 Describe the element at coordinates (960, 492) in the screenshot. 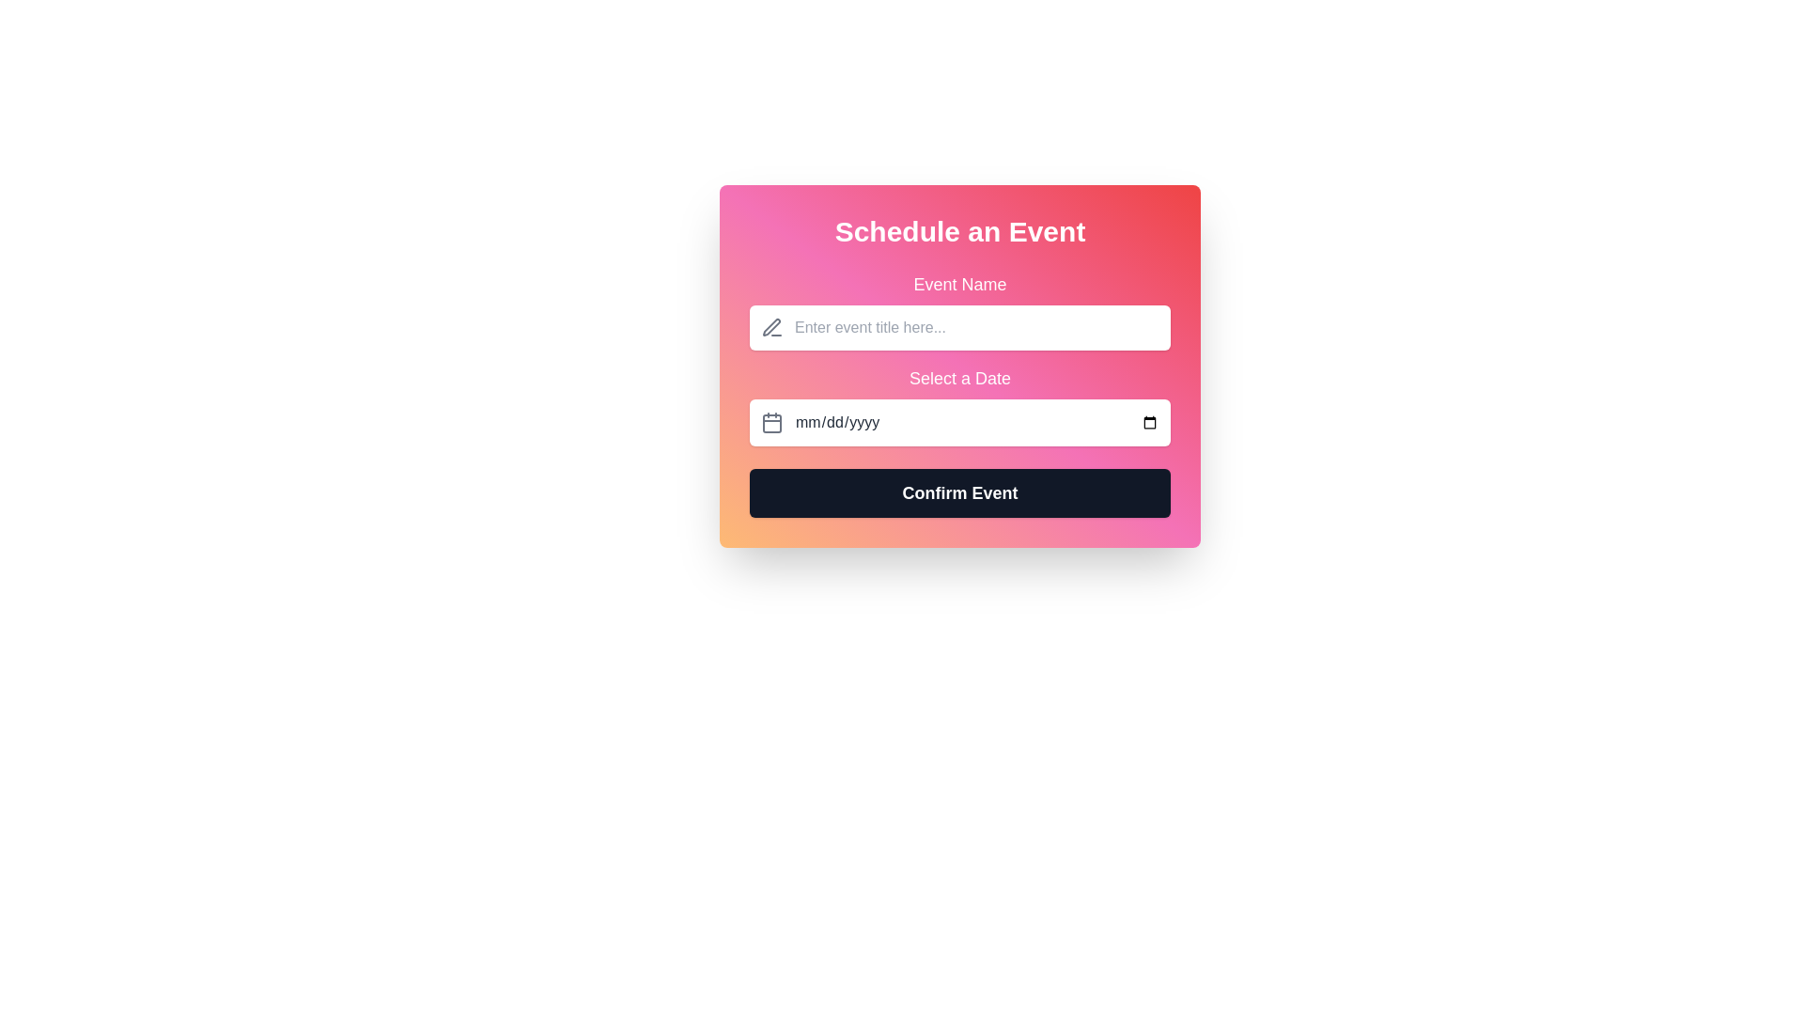

I see `the 'Confirm Event' button, which is a rectangular button with a dark background and white bold text, located at the bottom of the 'Schedule an Event' dialog box` at that location.